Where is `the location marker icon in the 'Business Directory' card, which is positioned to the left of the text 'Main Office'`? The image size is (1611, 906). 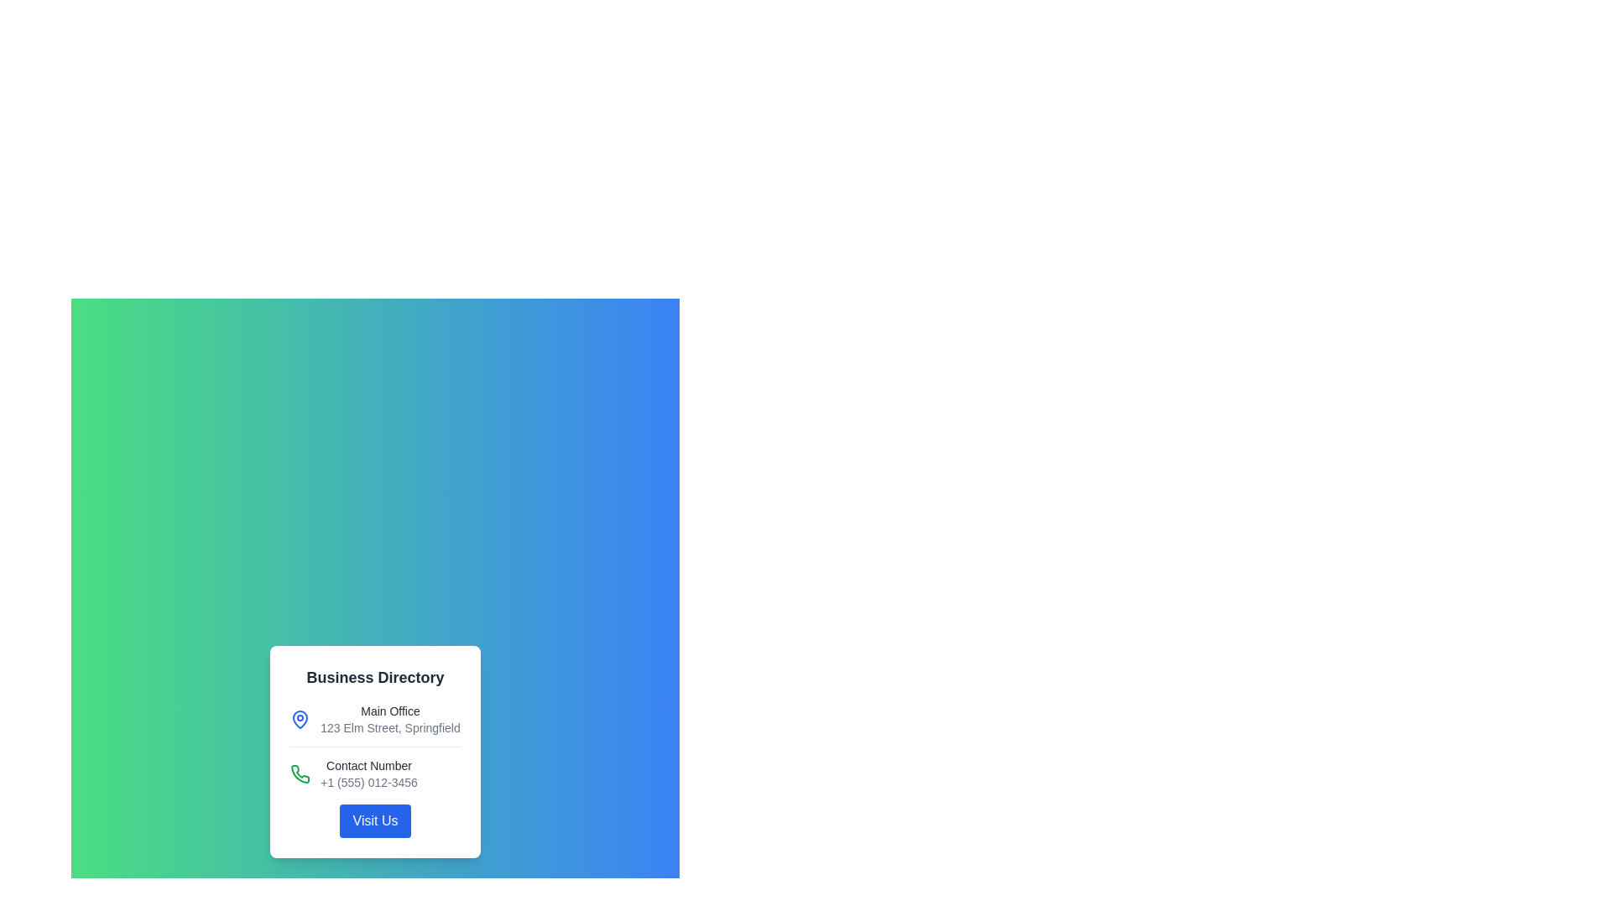 the location marker icon in the 'Business Directory' card, which is positioned to the left of the text 'Main Office' is located at coordinates (300, 718).